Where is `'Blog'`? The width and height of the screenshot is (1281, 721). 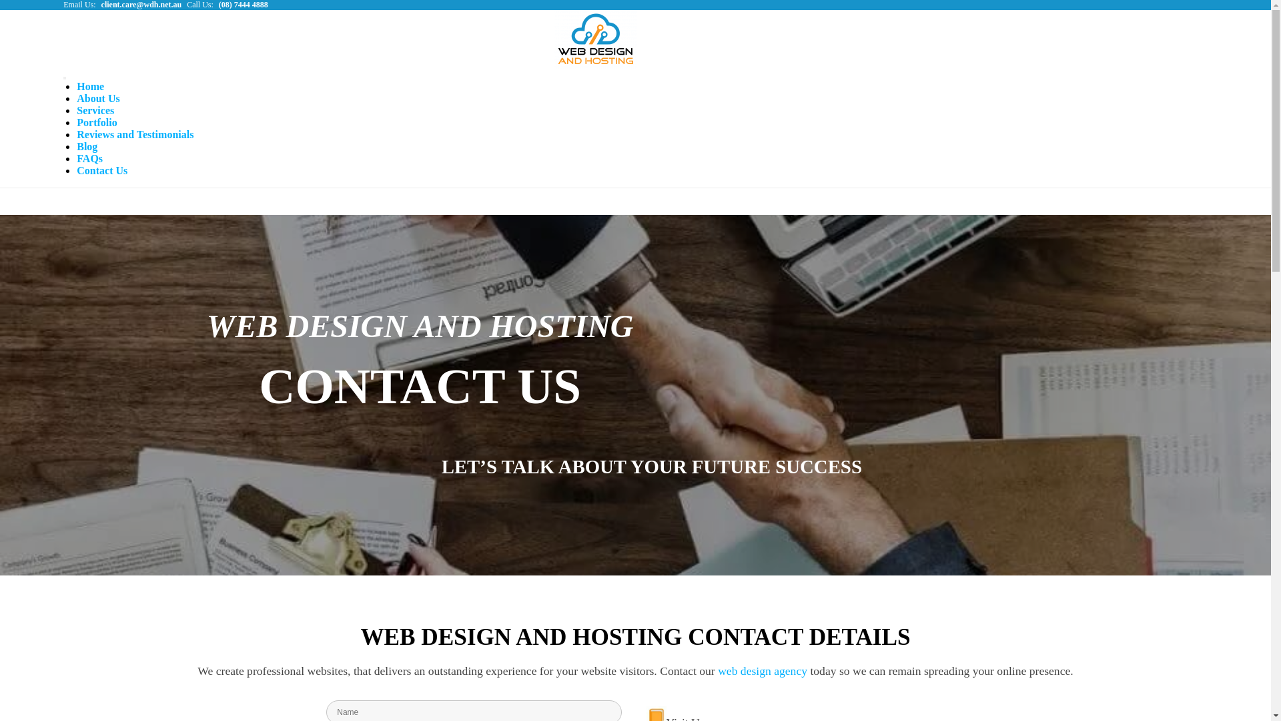
'Blog' is located at coordinates (86, 146).